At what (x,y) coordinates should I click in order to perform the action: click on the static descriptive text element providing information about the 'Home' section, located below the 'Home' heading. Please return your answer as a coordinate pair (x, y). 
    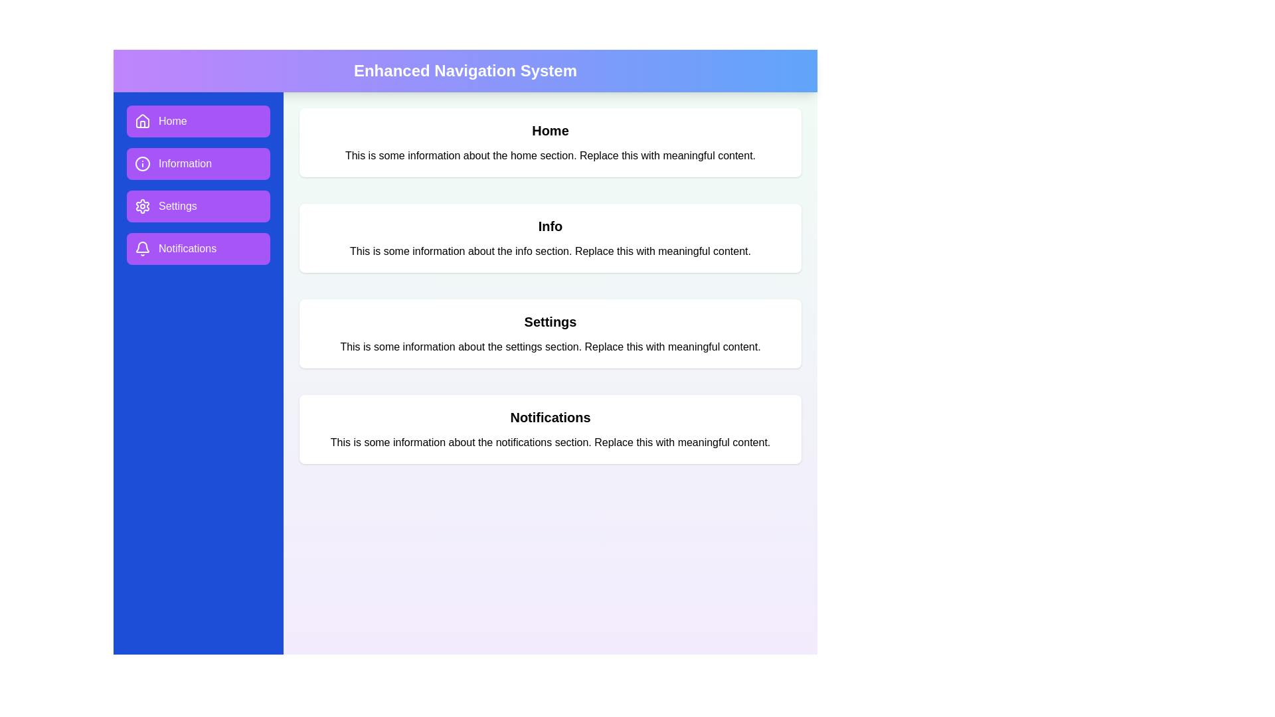
    Looking at the image, I should click on (551, 155).